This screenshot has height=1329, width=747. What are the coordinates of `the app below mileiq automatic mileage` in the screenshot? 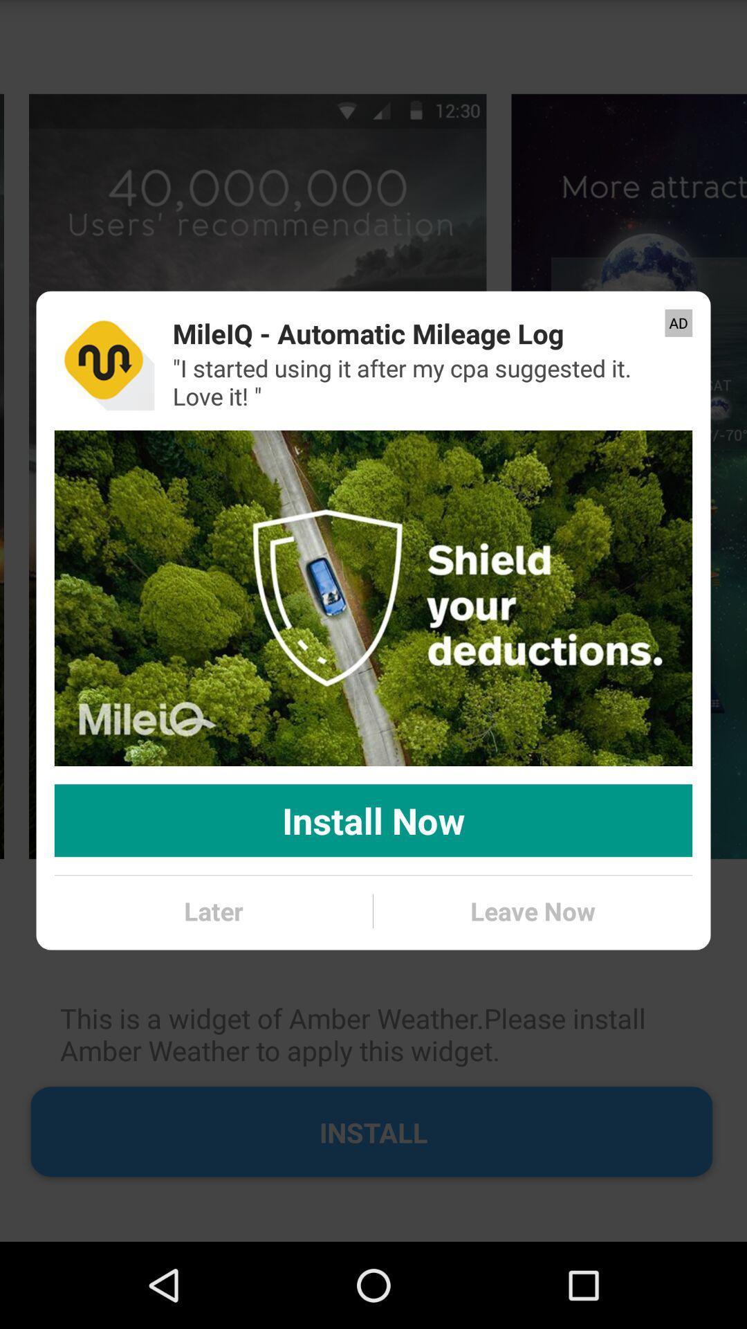 It's located at (423, 382).